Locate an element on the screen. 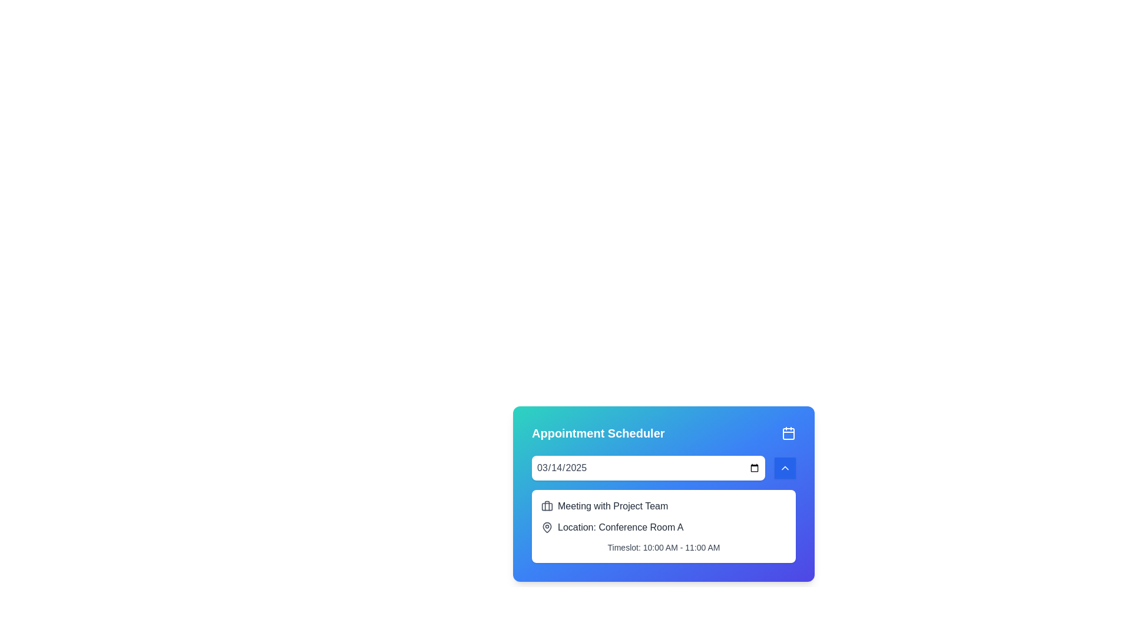 The height and width of the screenshot is (636, 1131). the text label that displays the allocated timeslot for a meeting, located below 'Location: Conference Room A' is located at coordinates (664, 547).